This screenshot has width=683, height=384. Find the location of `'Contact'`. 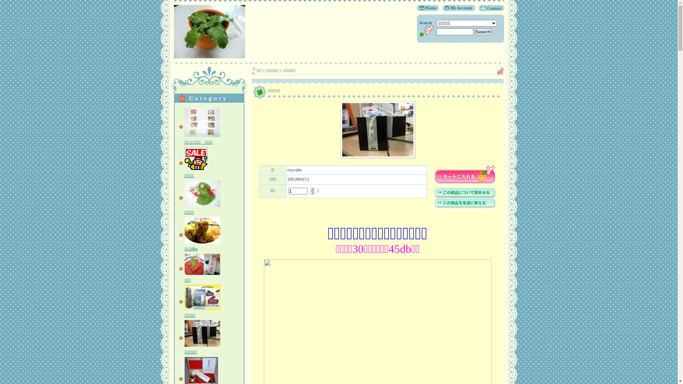

'Contact' is located at coordinates (475, 10).